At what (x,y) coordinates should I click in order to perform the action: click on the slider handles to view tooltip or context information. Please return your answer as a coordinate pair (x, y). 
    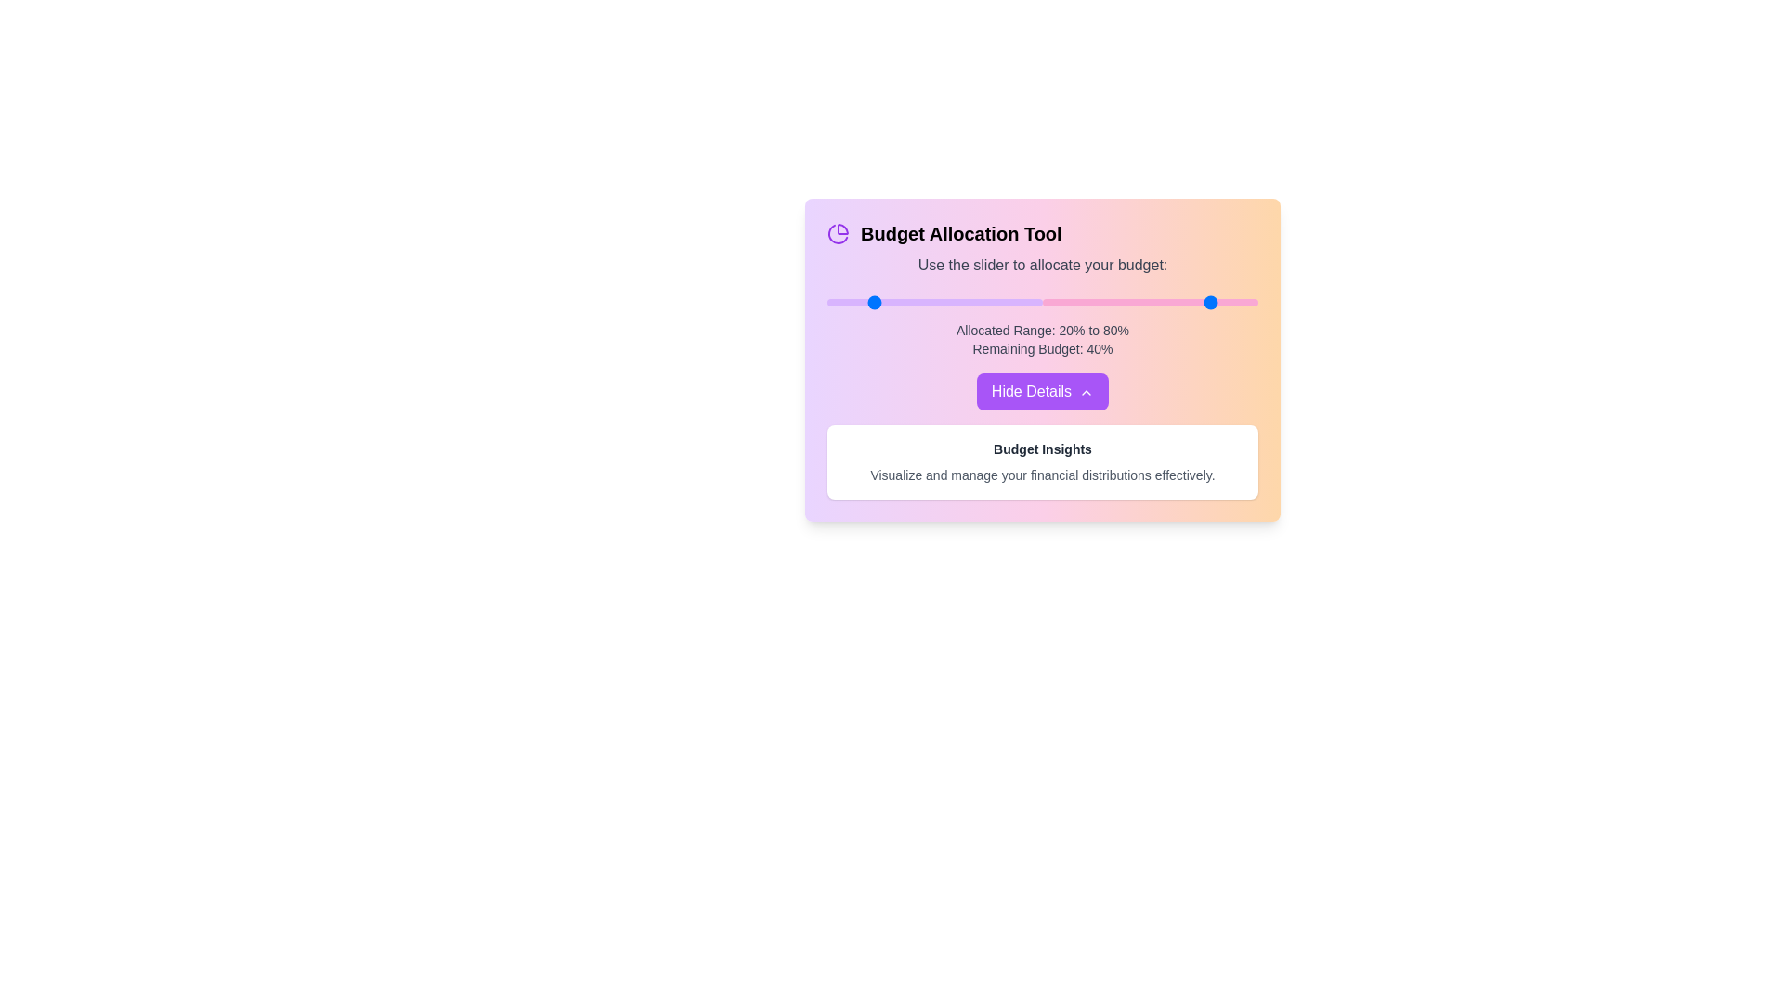
    Looking at the image, I should click on (935, 302).